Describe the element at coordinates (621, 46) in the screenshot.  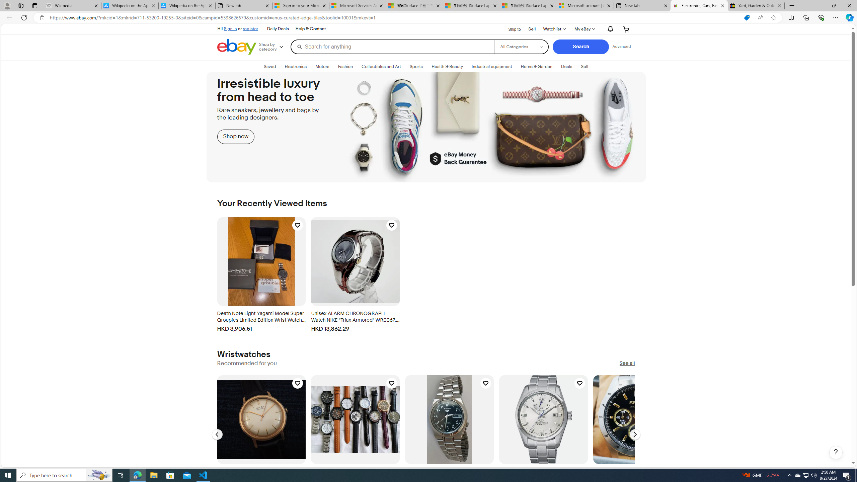
I see `'Advanced Search'` at that location.